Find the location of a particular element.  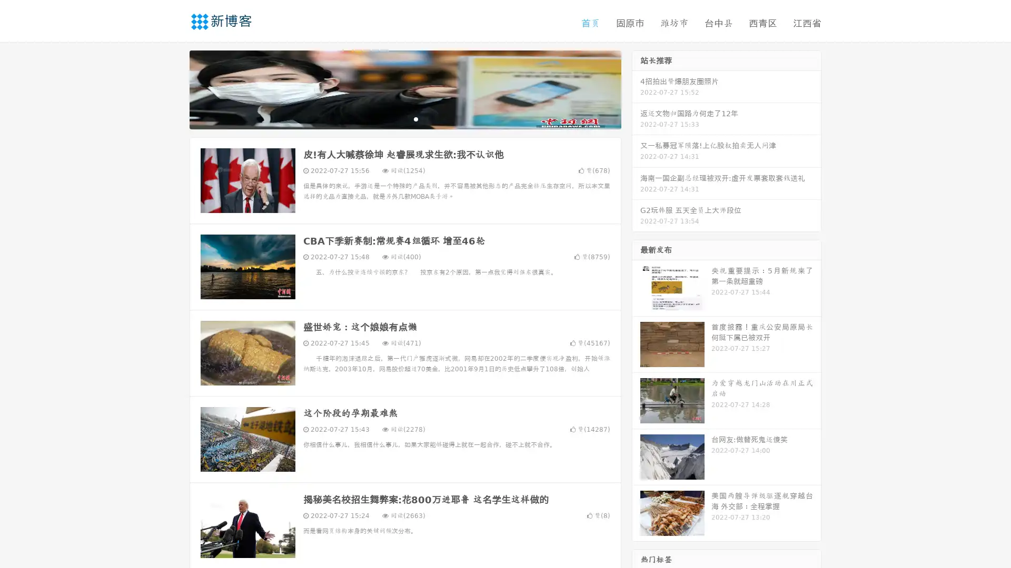

Go to slide 2 is located at coordinates (404, 118).